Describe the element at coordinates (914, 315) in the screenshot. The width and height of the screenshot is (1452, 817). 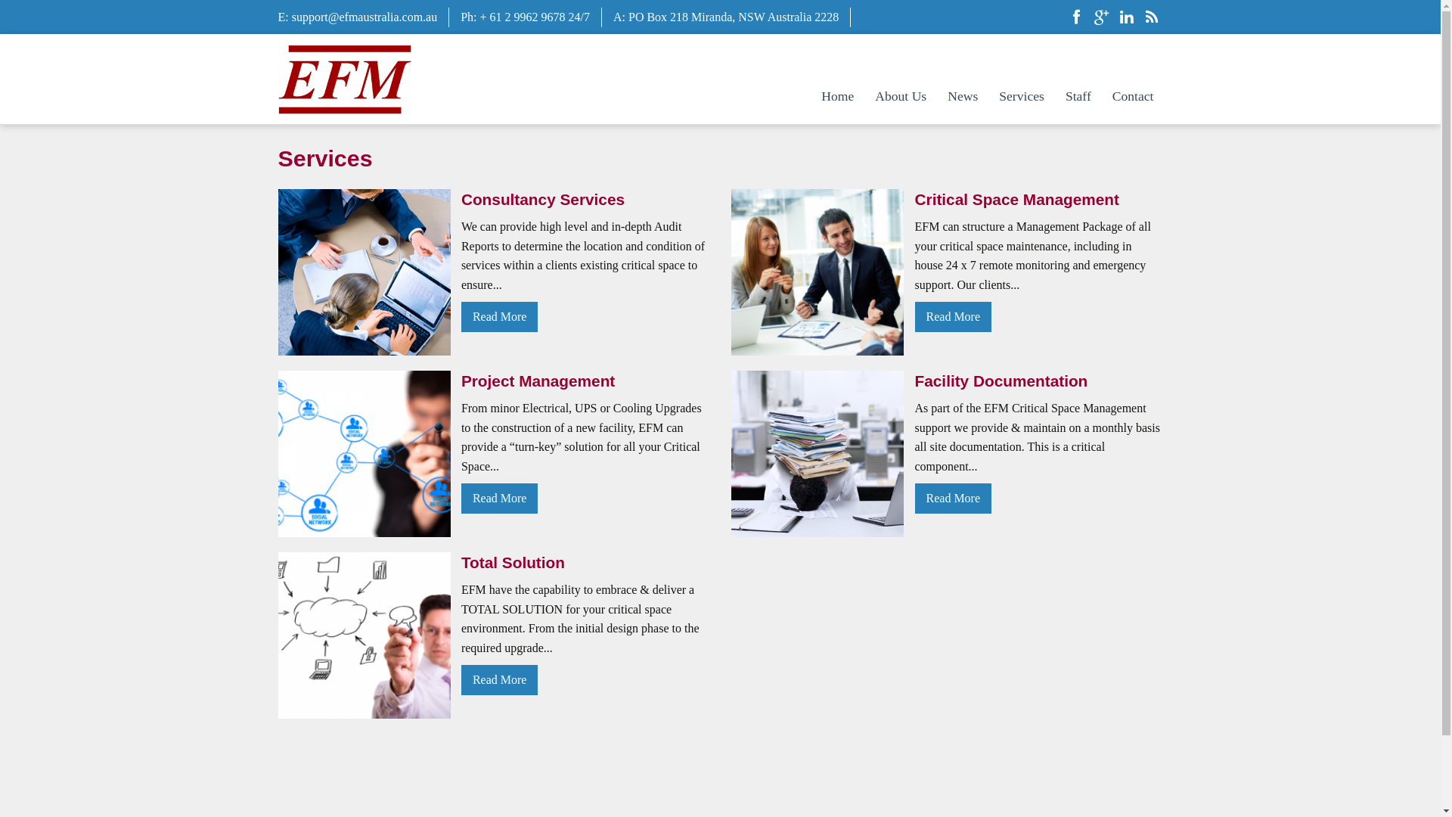
I see `'Read More'` at that location.